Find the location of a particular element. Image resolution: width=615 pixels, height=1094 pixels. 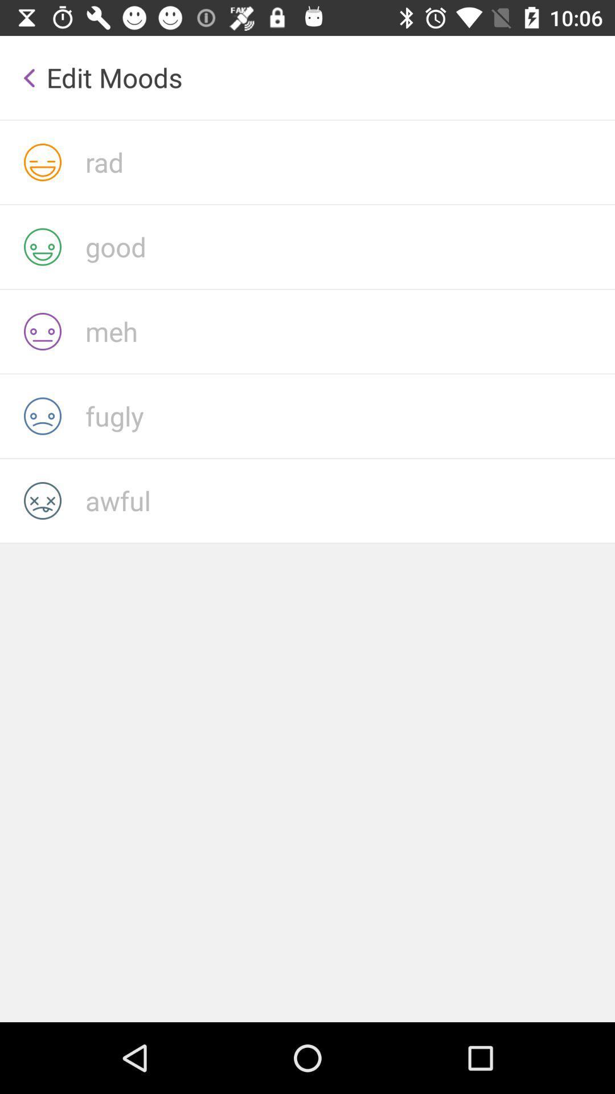

click meh emoji is located at coordinates (349, 330).